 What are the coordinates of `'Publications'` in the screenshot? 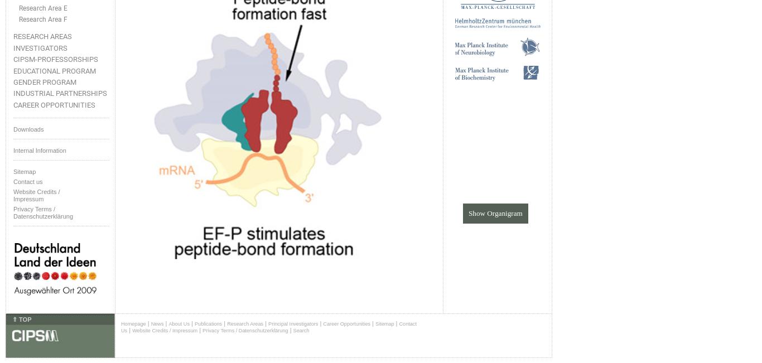 It's located at (208, 323).